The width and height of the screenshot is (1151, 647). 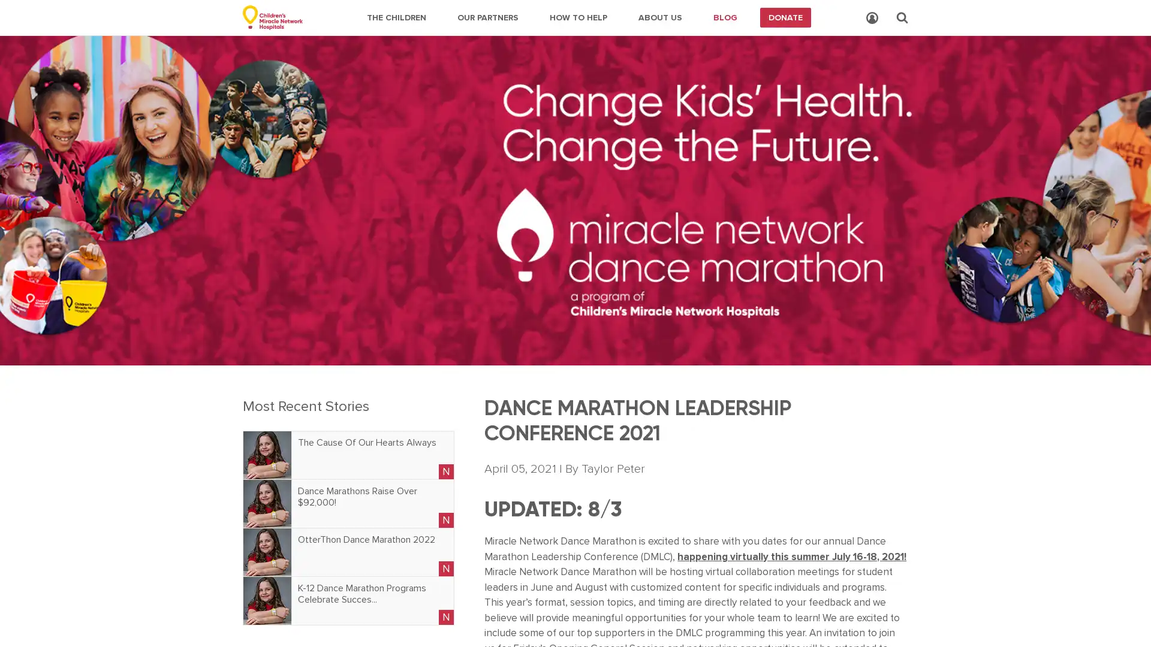 I want to click on Account Login, so click(x=872, y=18).